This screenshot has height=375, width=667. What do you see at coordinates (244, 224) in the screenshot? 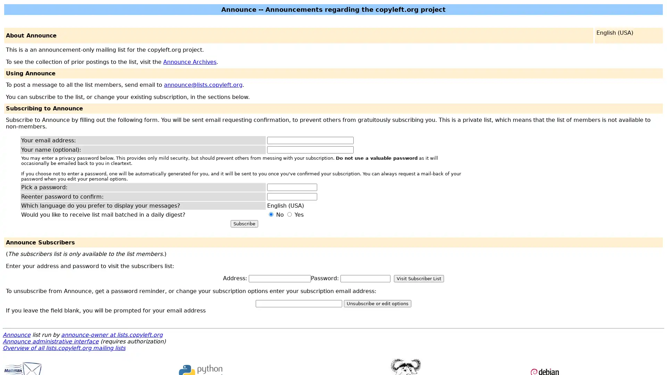
I see `Subscribe` at bounding box center [244, 224].